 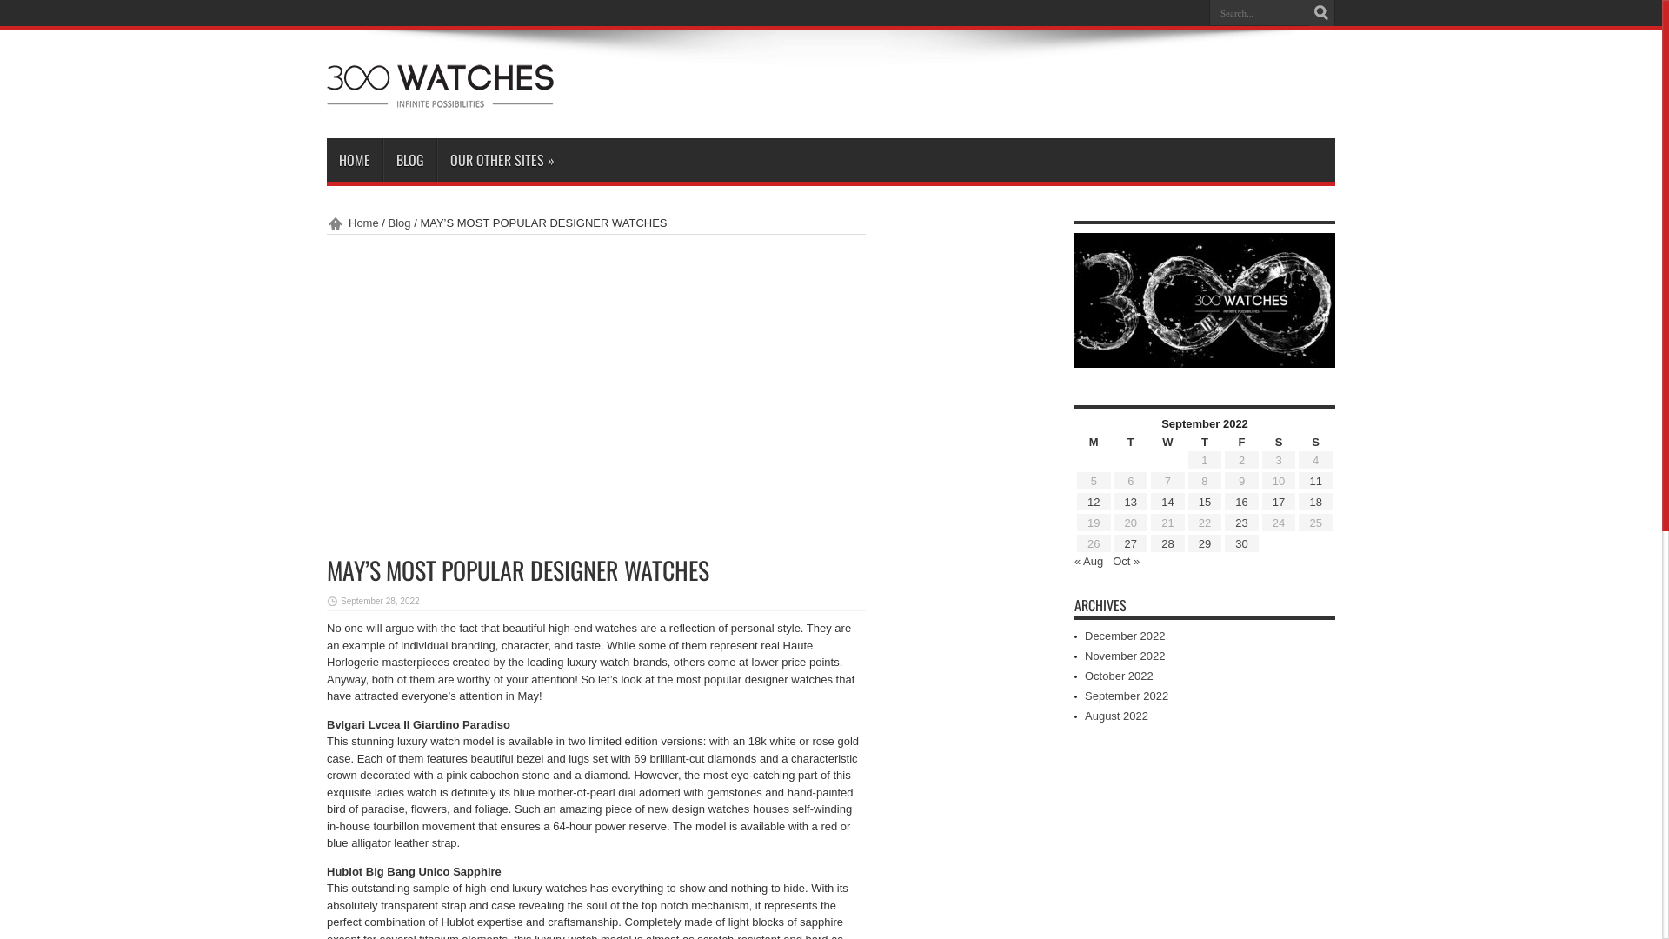 I want to click on 'Search', so click(x=1321, y=13).